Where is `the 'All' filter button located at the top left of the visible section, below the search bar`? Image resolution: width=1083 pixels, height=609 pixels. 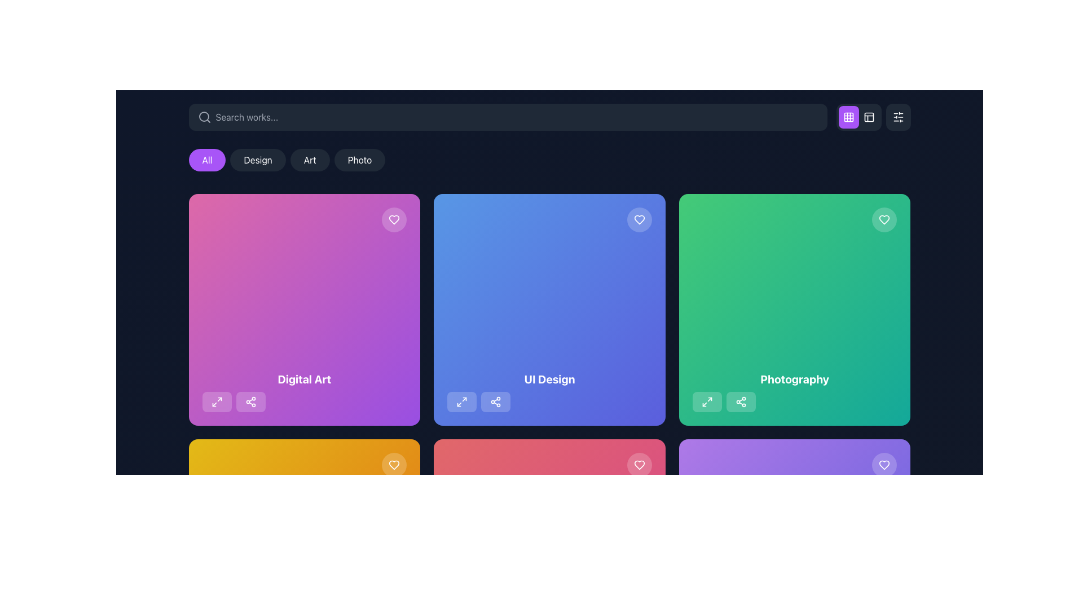
the 'All' filter button located at the top left of the visible section, below the search bar is located at coordinates (207, 160).